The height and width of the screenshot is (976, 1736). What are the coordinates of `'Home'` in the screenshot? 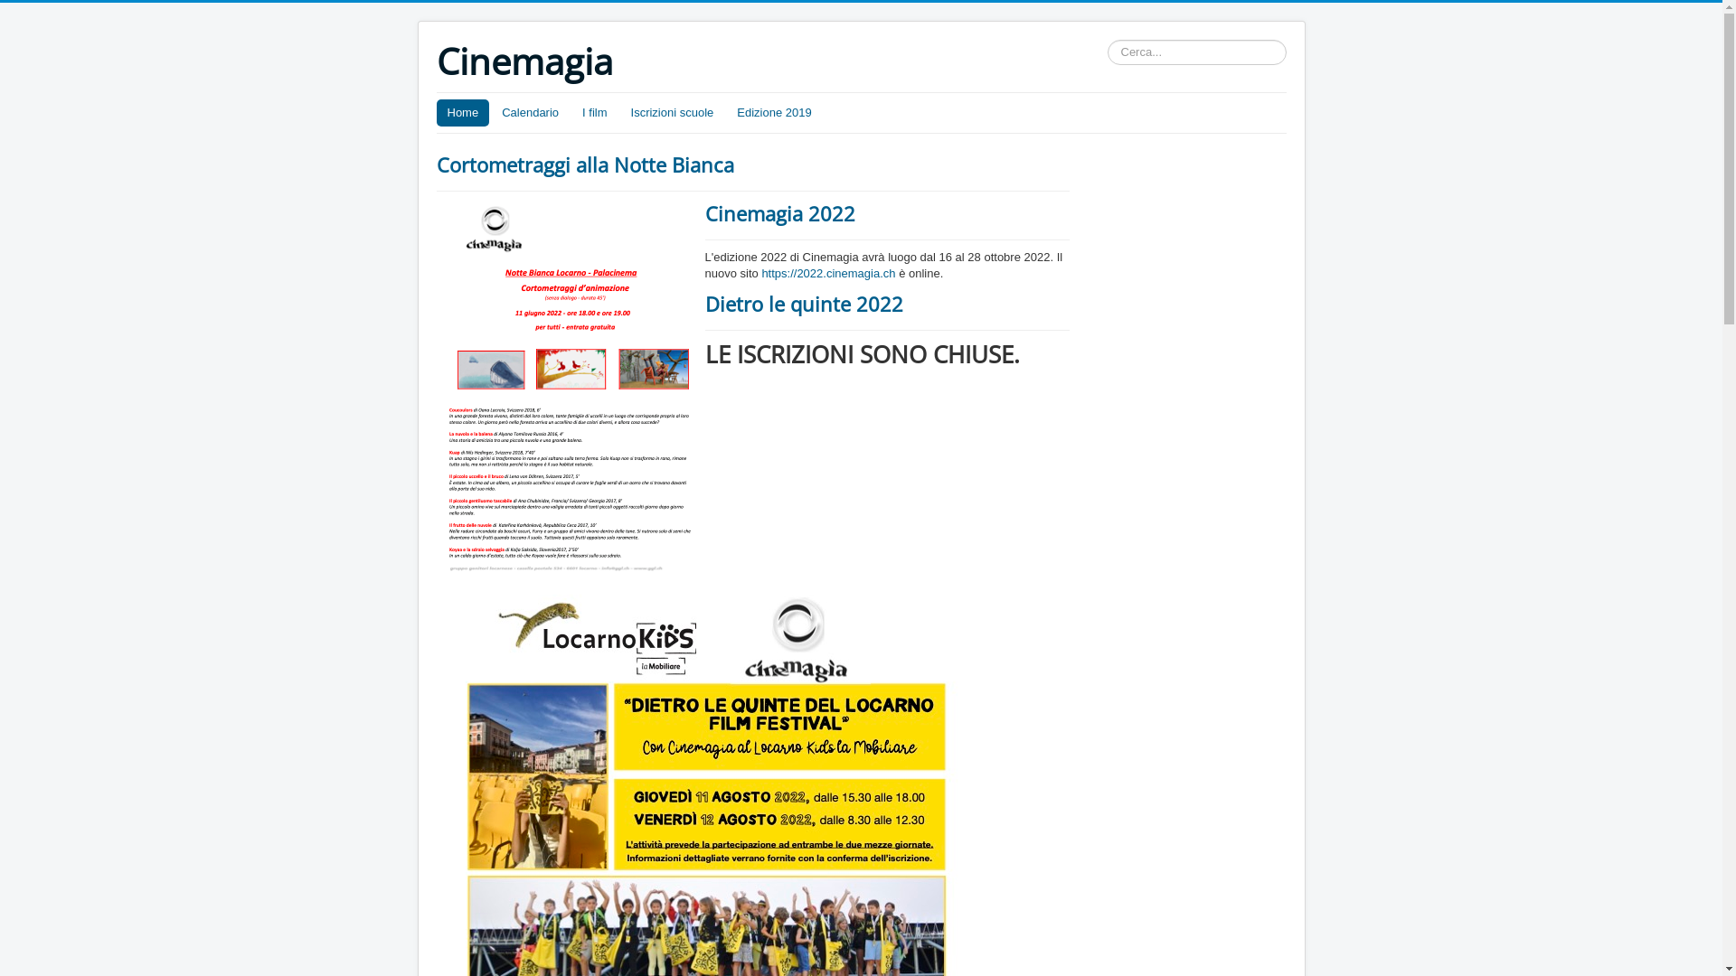 It's located at (462, 112).